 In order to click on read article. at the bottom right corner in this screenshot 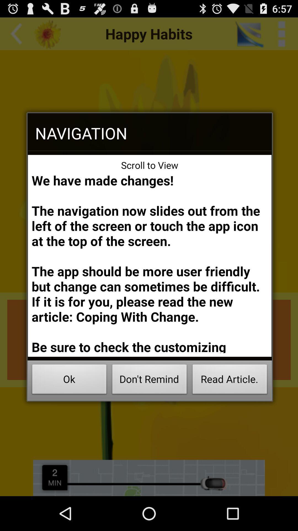, I will do `click(230, 381)`.